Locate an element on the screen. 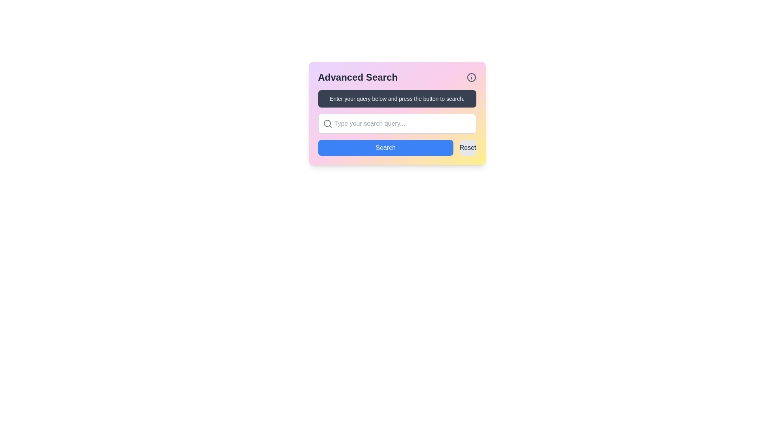 The height and width of the screenshot is (427, 759). the circular SVG element located at the top-right corner of the main application's search panel, which is part of a stylized 'info' symbol is located at coordinates (471, 77).